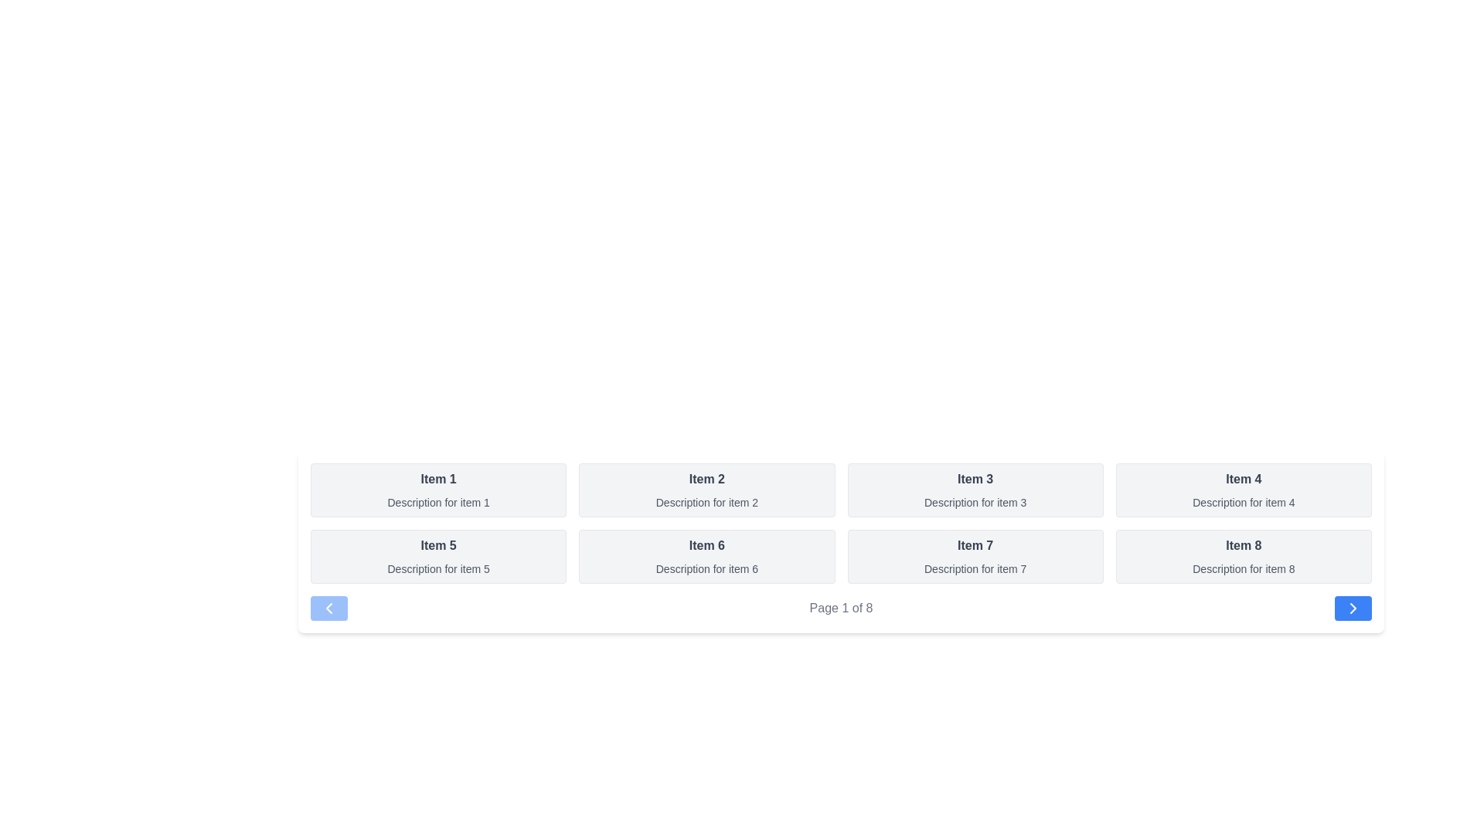 Image resolution: width=1484 pixels, height=834 pixels. Describe the element at coordinates (1353, 607) in the screenshot. I see `the blue button with rounded corners that has a rightward-pointing chevron arrow symbol, located at the right-most position of the pagination controls` at that location.